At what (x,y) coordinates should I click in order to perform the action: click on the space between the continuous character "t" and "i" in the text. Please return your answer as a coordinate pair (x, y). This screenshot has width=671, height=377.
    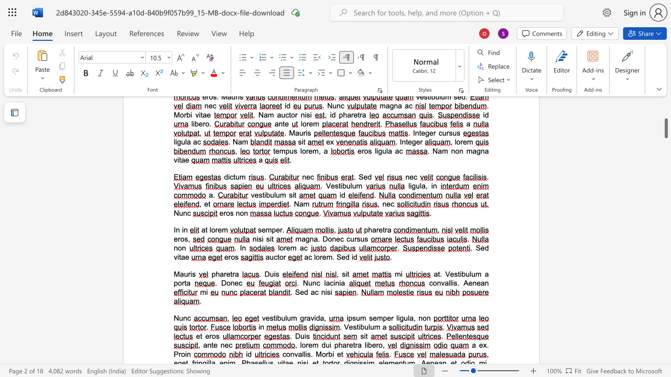
    Looking at the image, I should click on (359, 326).